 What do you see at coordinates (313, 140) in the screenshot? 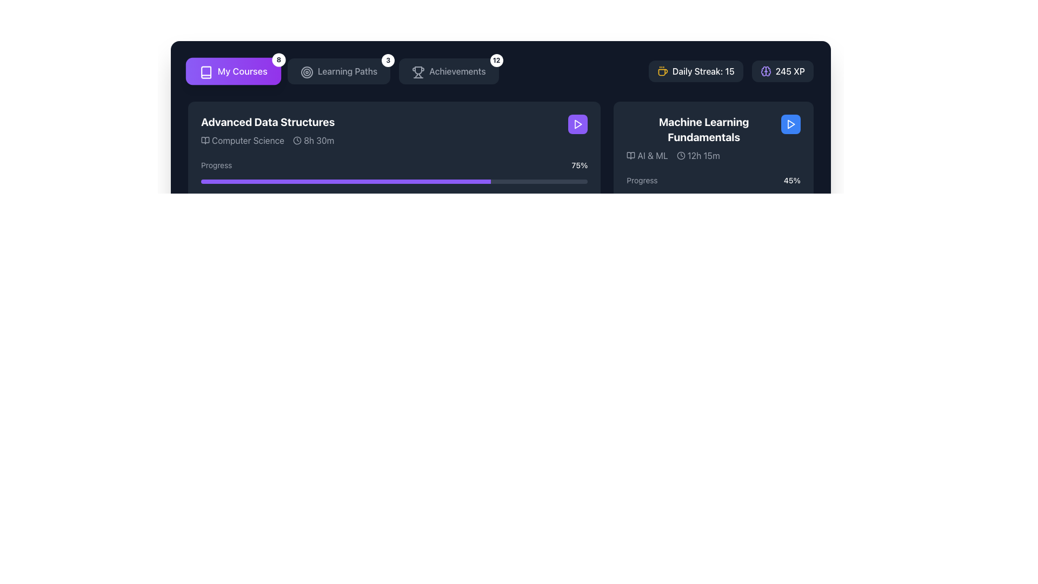
I see `the informational label displaying the clock icon and text '8h 30m' located to the right of the 'Computer Science' label in the 'Advanced Data Structures' course section` at bounding box center [313, 140].